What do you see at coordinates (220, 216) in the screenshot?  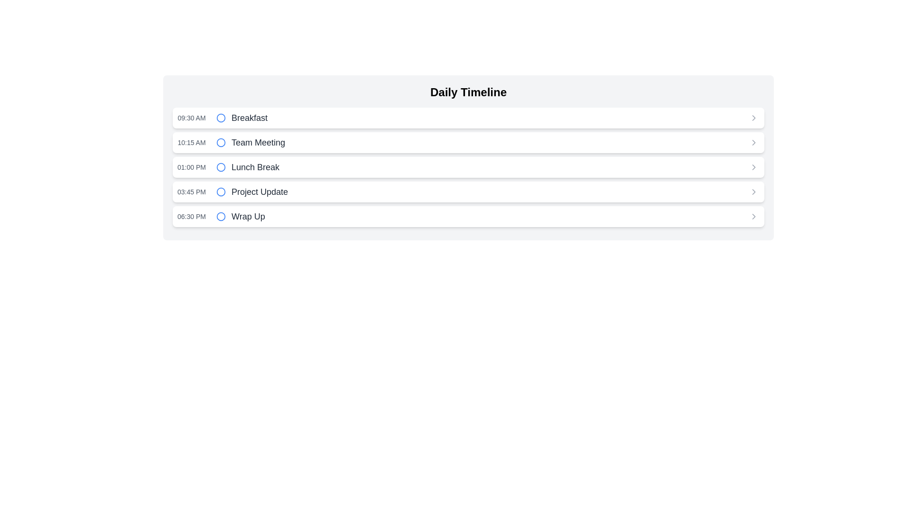 I see `the Circle icon within the SVG element, which acts as an interactive marker in a timeline or list interface` at bounding box center [220, 216].